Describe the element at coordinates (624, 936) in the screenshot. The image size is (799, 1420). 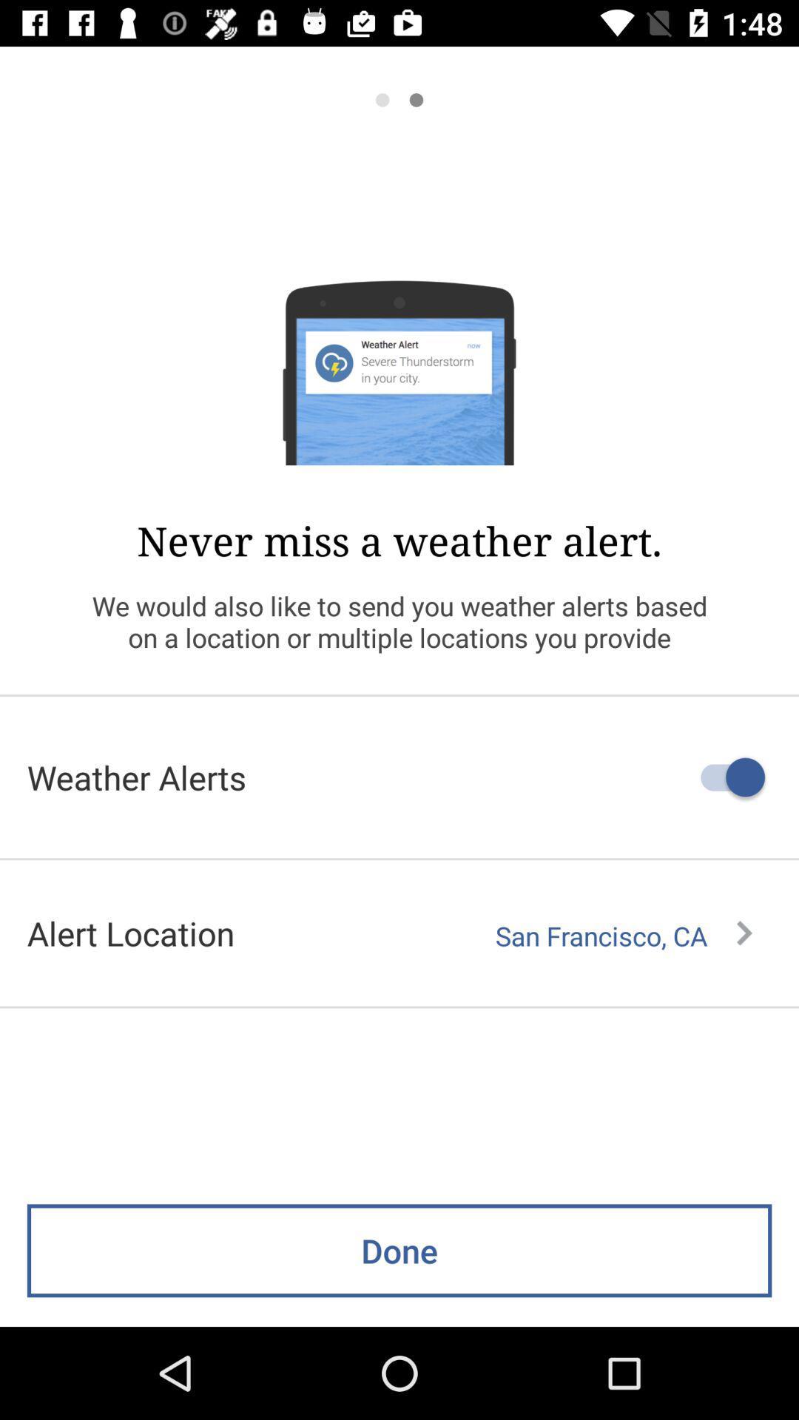
I see `the item to the right of alert location icon` at that location.